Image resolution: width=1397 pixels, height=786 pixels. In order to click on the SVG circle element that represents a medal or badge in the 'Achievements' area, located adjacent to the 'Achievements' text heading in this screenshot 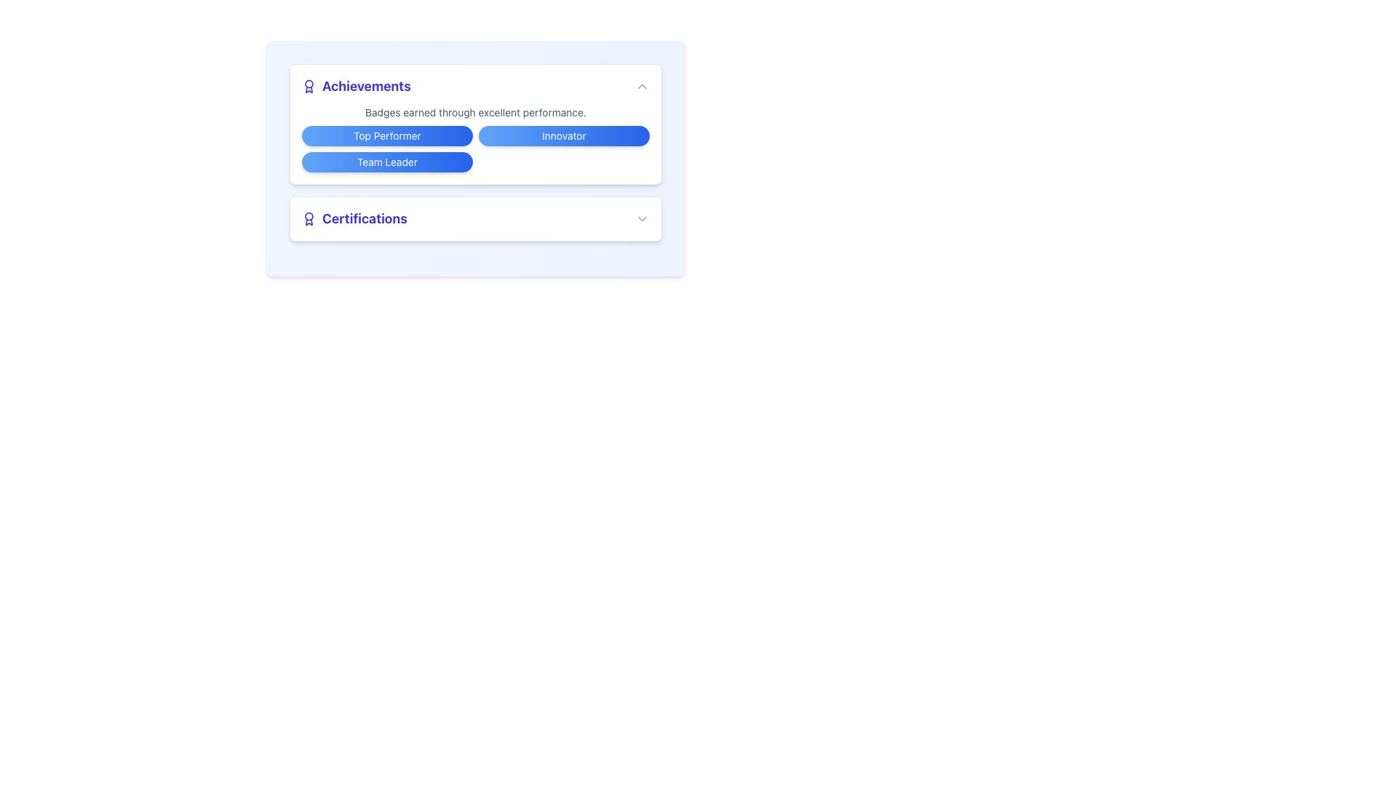, I will do `click(309, 216)`.